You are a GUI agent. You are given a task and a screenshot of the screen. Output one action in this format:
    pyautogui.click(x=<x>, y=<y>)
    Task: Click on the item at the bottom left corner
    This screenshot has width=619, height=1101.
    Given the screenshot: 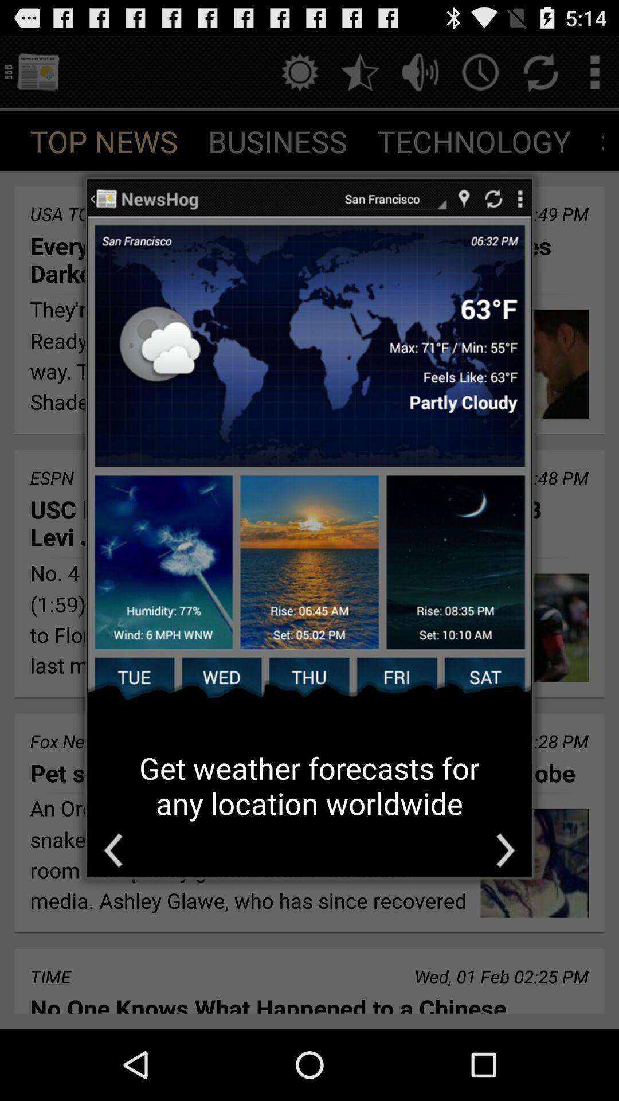 What is the action you would take?
    pyautogui.click(x=113, y=850)
    